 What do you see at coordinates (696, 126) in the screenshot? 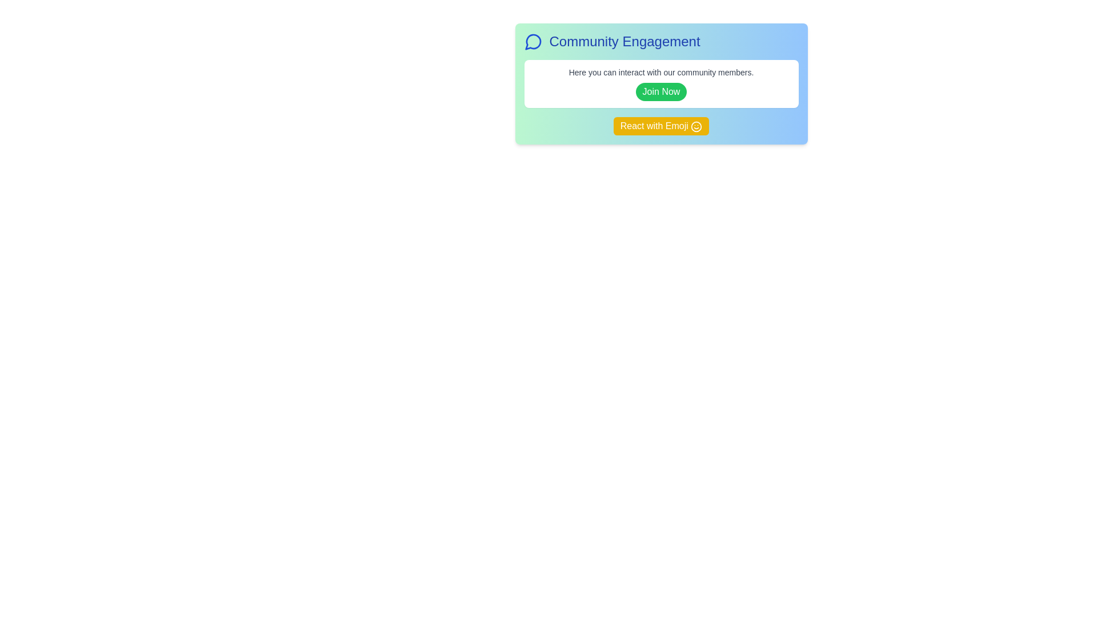
I see `the smiley face icon located inside the 'React with Emoji' button` at bounding box center [696, 126].